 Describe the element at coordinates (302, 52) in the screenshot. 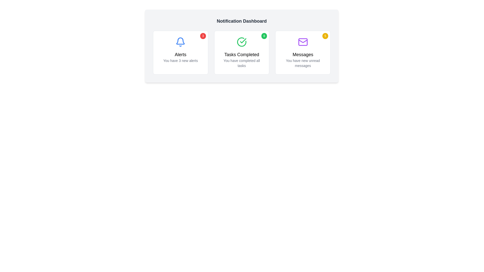

I see `the compact rectangular 'Messages' card with a white background, rounded corners, and a yellow circle indicating 5 unread messages, located in the top-right area of the grid` at that location.